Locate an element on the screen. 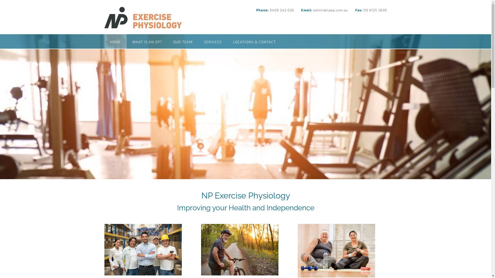 This screenshot has height=278, width=495. 'SERVICES' is located at coordinates (212, 41).